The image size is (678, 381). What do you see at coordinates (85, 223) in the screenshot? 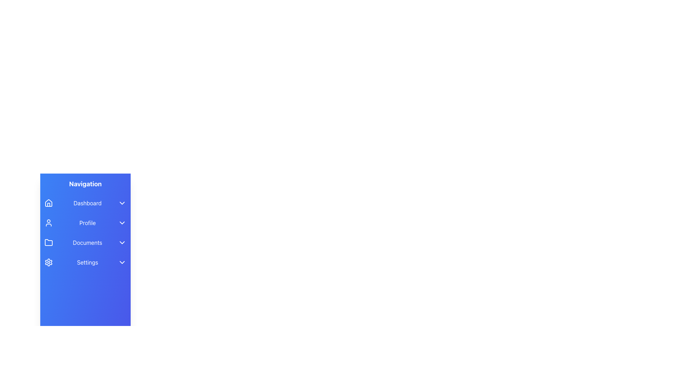
I see `the second navigation item in the vertical list of the blue sidebar to trigger a tooltip for the 'Profile' section` at bounding box center [85, 223].